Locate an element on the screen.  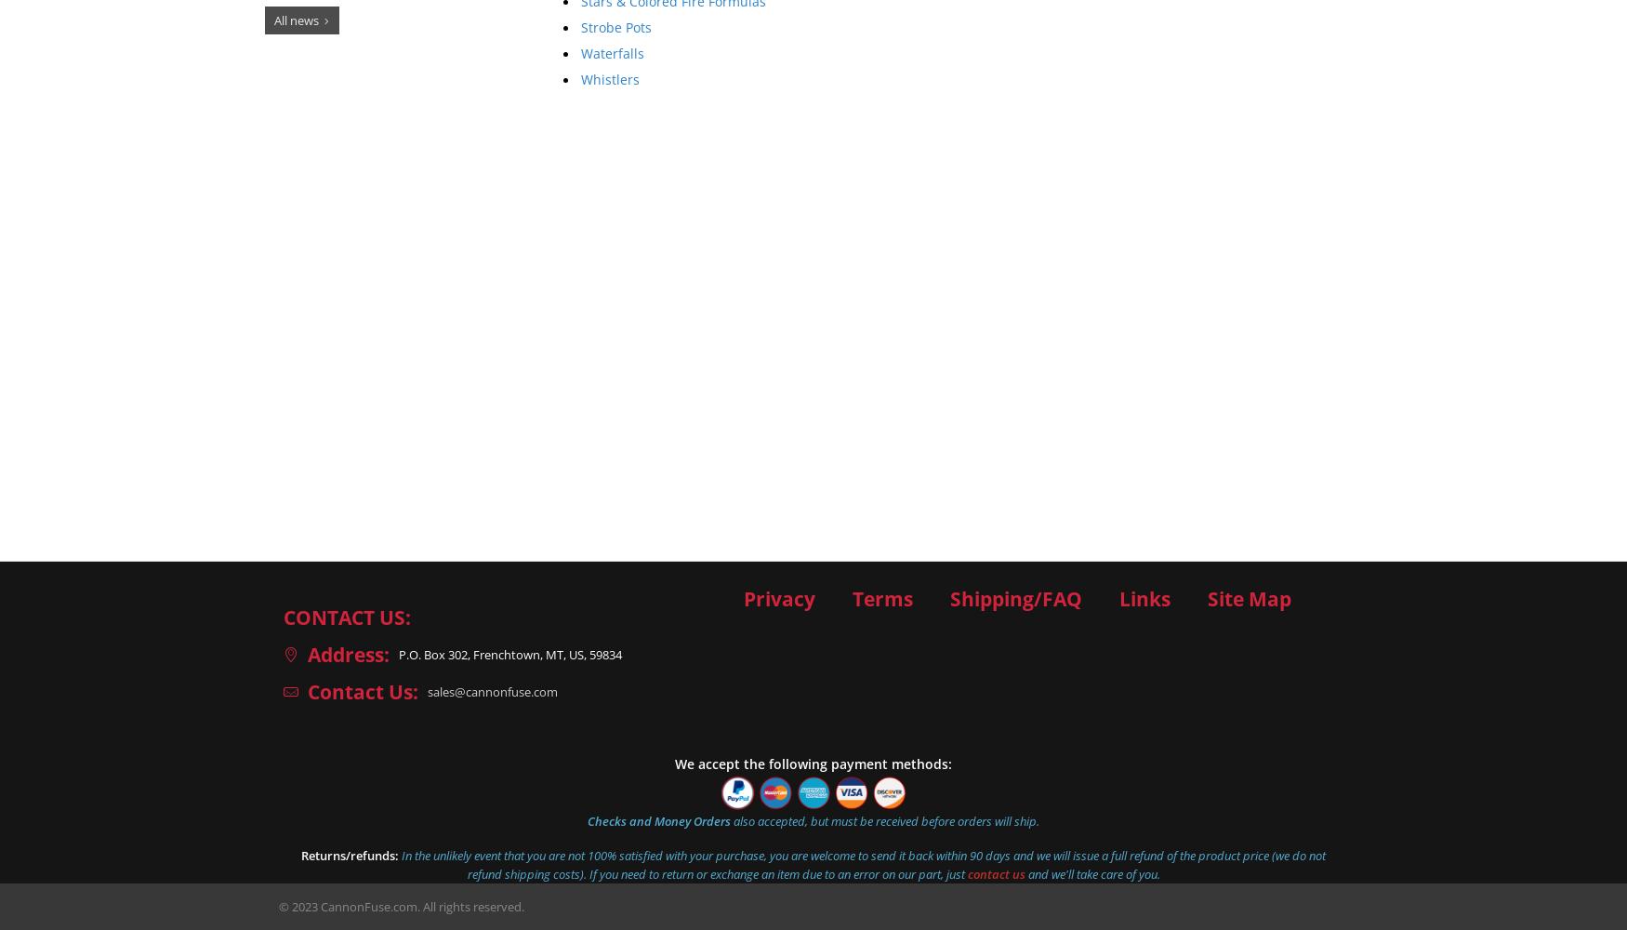
'In the unlikely event that you are not 100% satisfied with your purchase, you are welcome to send it back within 90 days and we will issue a full refund of the product price (we do not refund shipping costs). If you need to return or exchange an item due to an error on our part, just' is located at coordinates (863, 865).